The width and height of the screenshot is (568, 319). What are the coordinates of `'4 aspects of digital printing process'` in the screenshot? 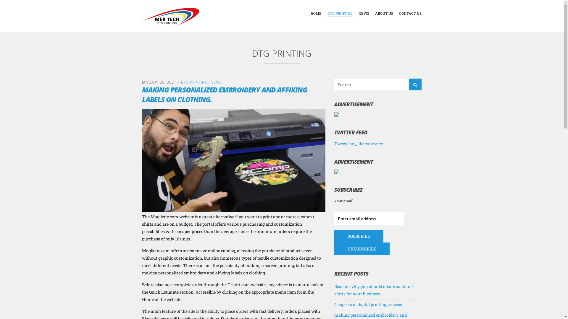 It's located at (334, 304).